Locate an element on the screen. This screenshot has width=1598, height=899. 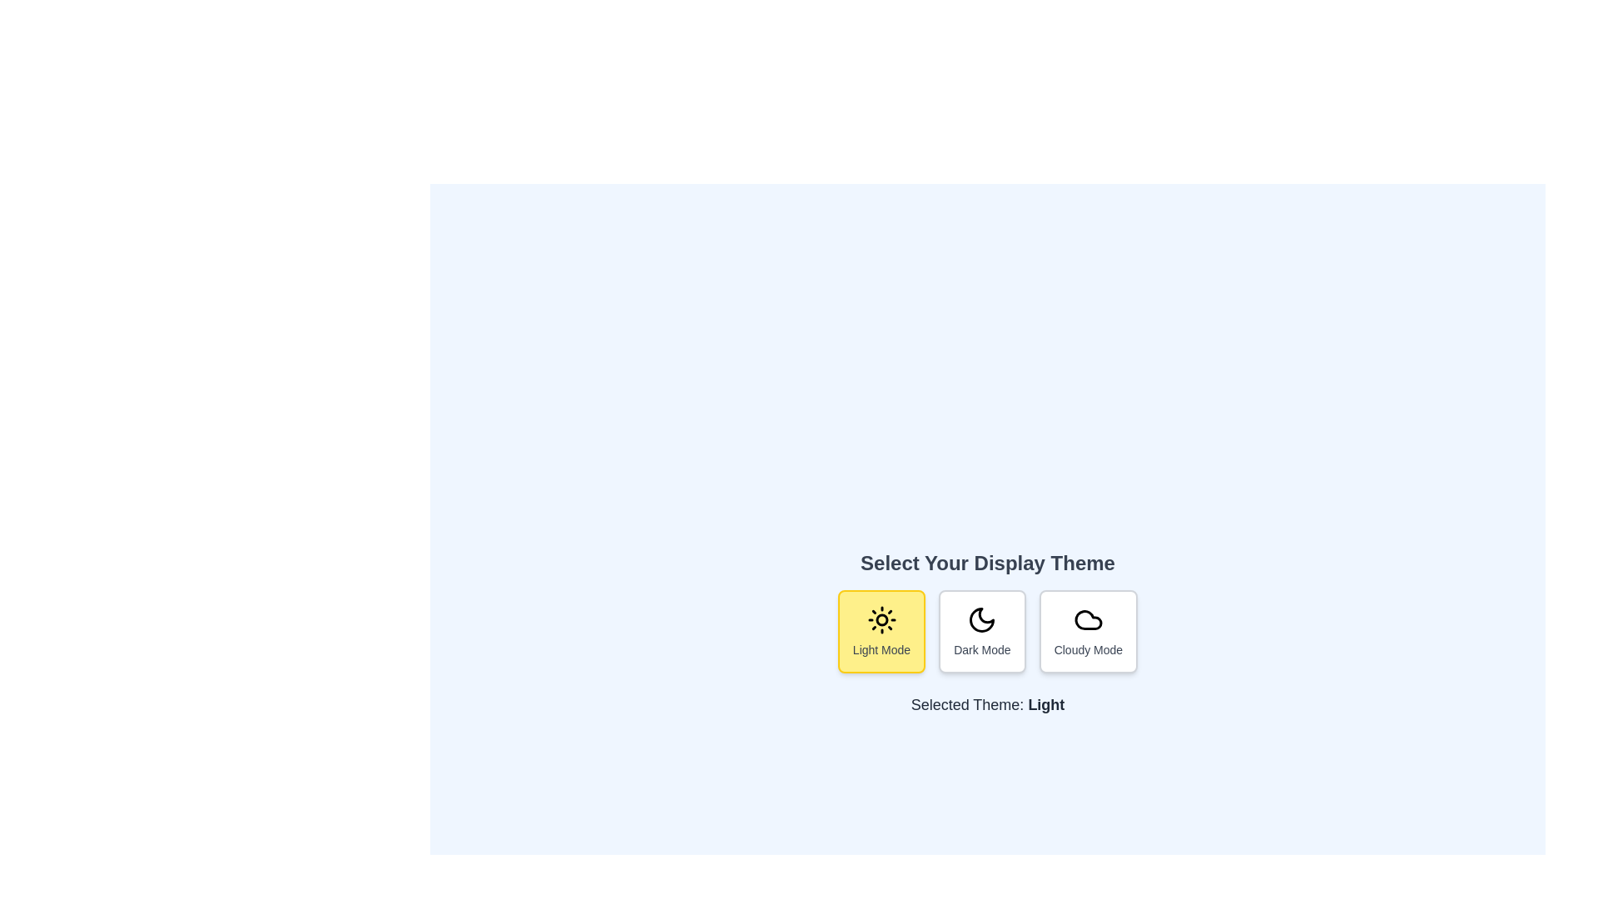
the button corresponding to Light Mode mode is located at coordinates (881, 632).